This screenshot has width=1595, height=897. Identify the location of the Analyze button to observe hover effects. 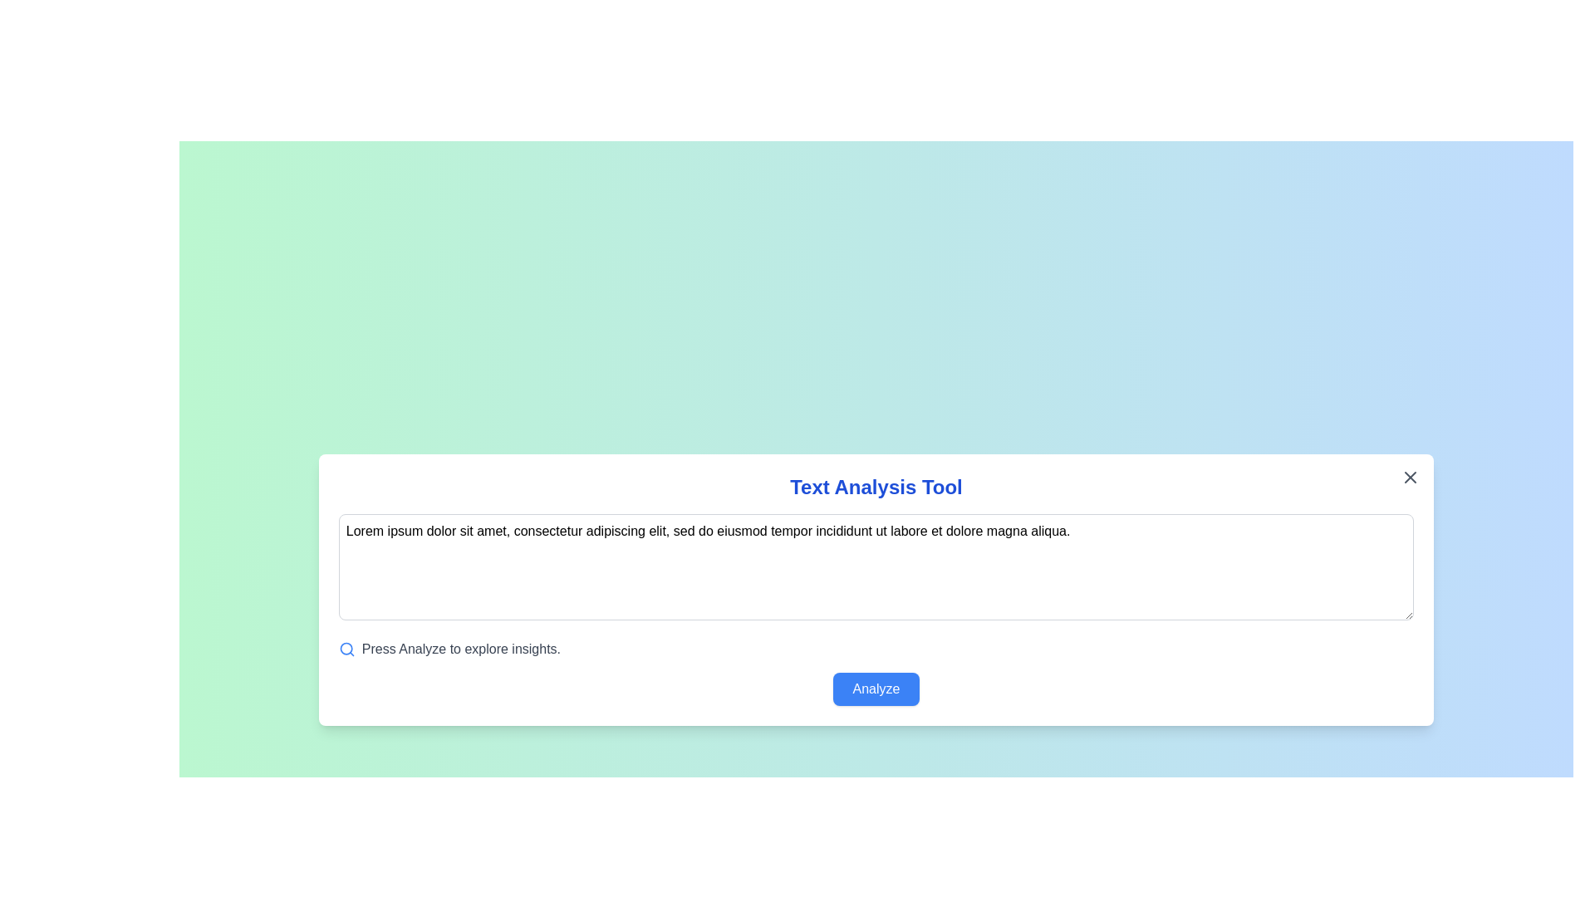
(876, 689).